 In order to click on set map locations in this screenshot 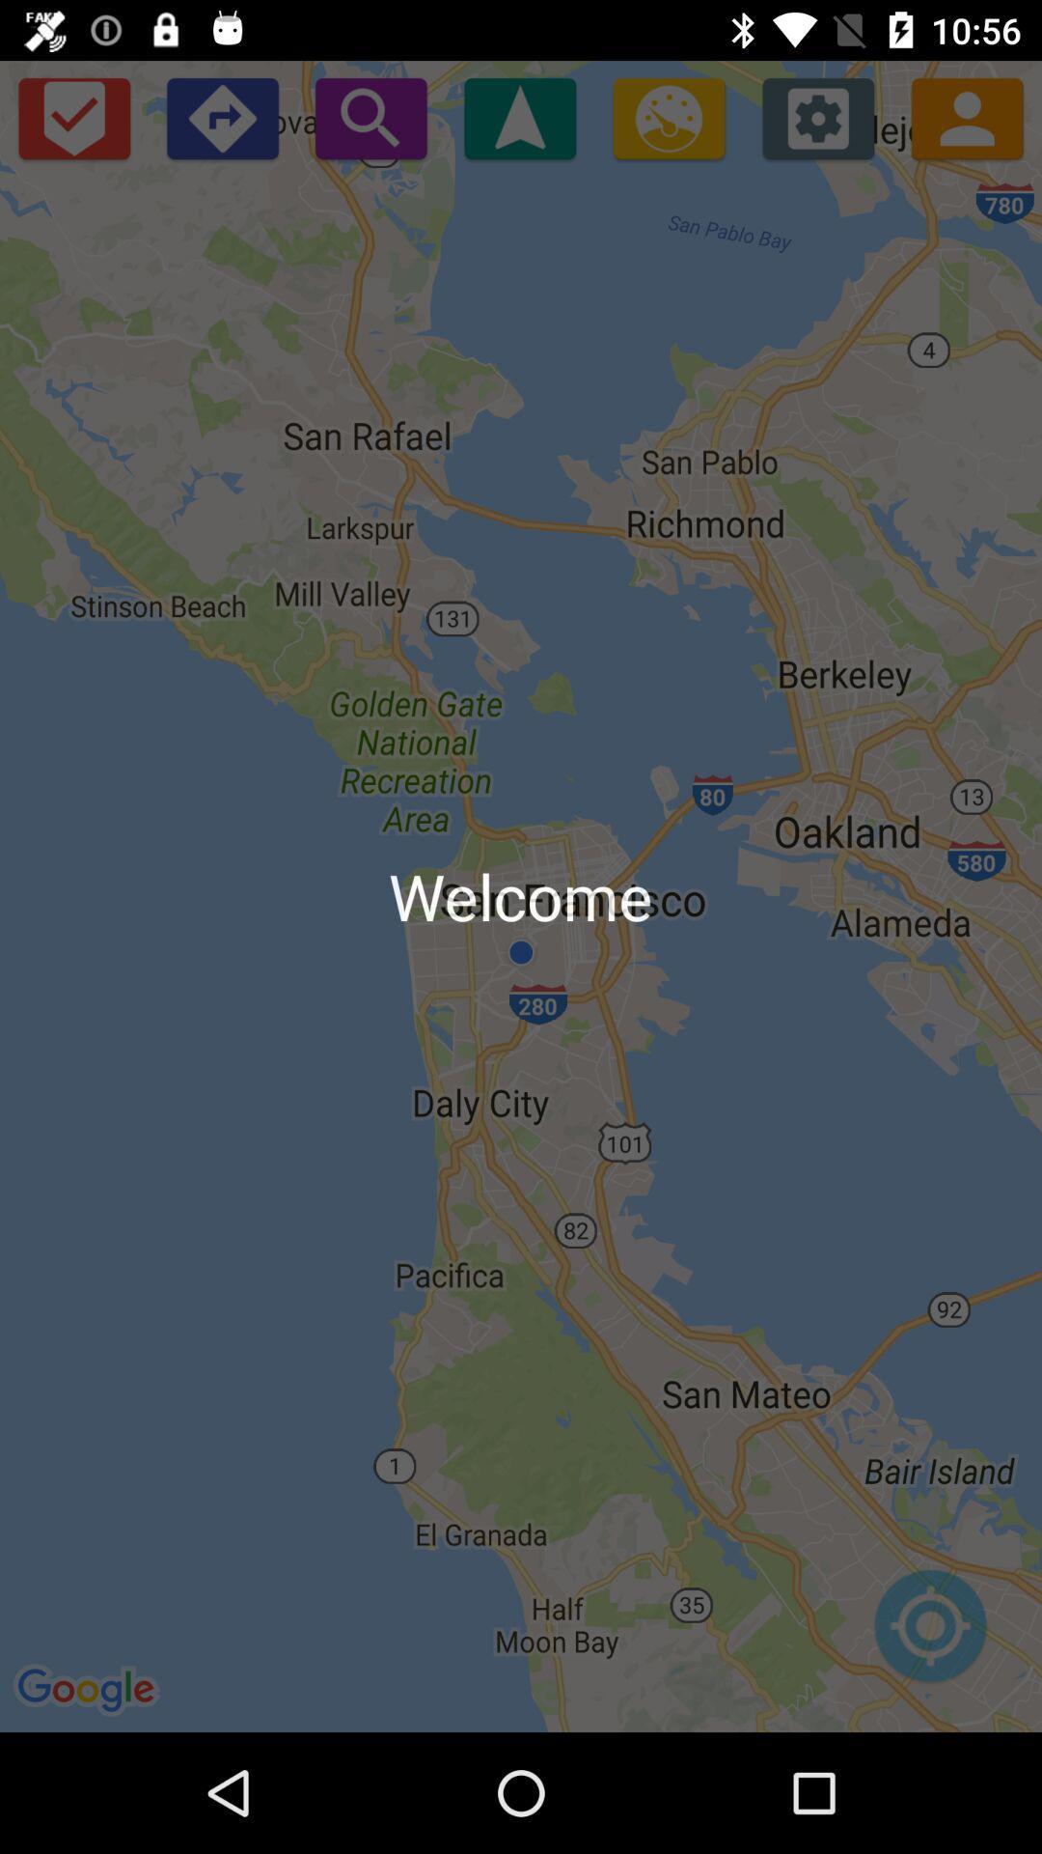, I will do `click(929, 1635)`.